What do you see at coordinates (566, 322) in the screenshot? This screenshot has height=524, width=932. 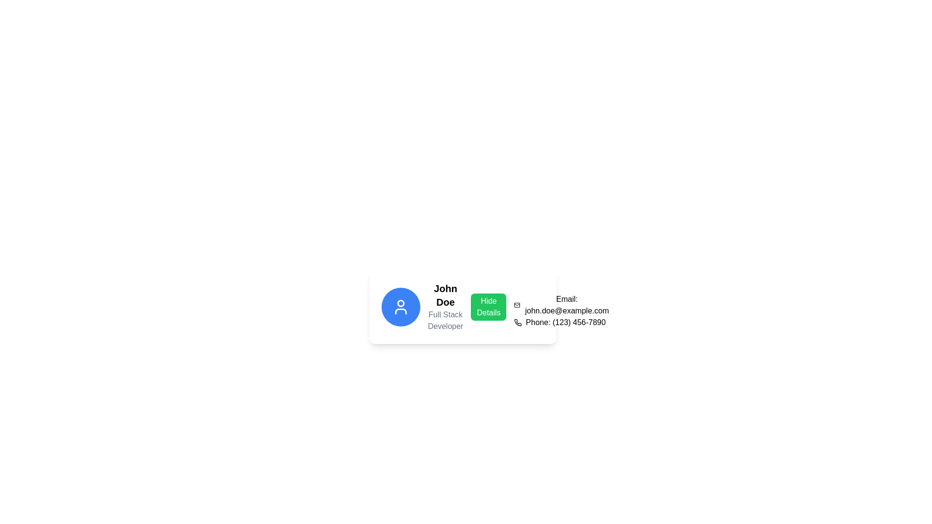 I see `the text label displaying 'Phone: (123) 456-7890', which is styled in black font and positioned adjacent to a telephone icon within the contact details component` at bounding box center [566, 322].